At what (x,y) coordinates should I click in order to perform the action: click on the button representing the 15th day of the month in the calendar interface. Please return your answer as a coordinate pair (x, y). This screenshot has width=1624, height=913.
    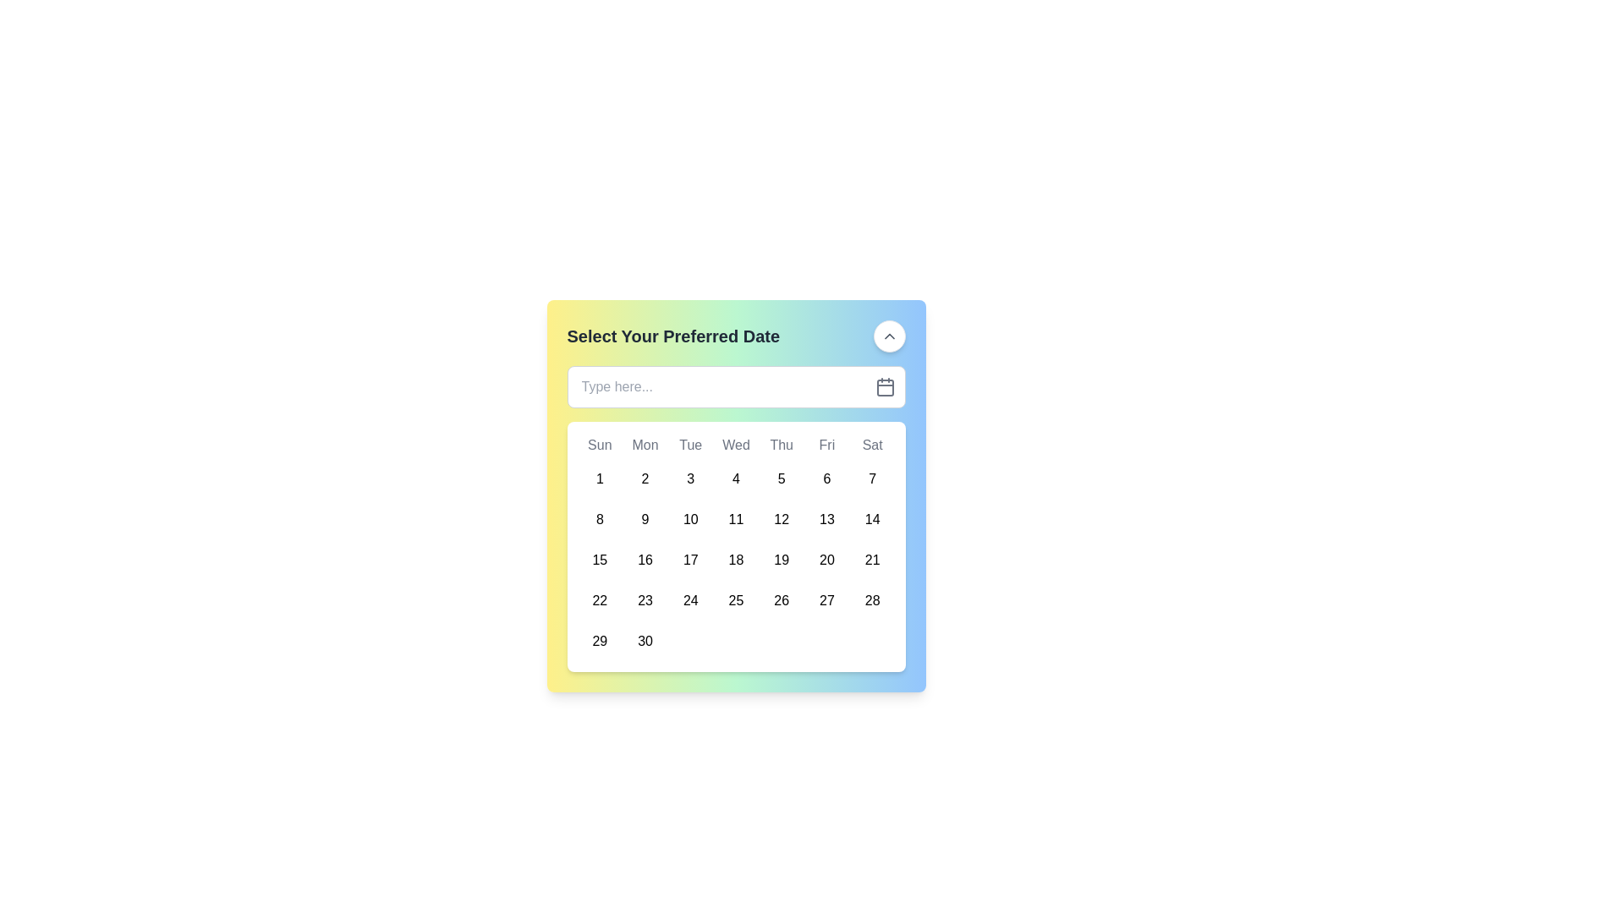
    Looking at the image, I should click on (600, 560).